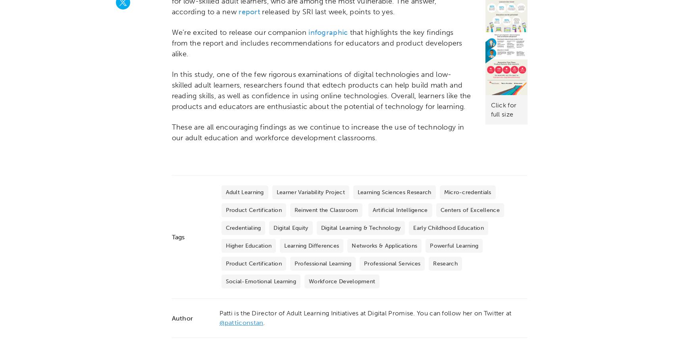 This screenshot has height=355, width=699. I want to click on 'In this study, one of the few rigorous examinations of digital technologies and low-skilled adult learners, researchers found that edtech products can help build math and reading skills, as well as confidence in using online technologies. Overall, learners like the products and educators are enthusiastic about the potential of technology for learning.', so click(321, 90).